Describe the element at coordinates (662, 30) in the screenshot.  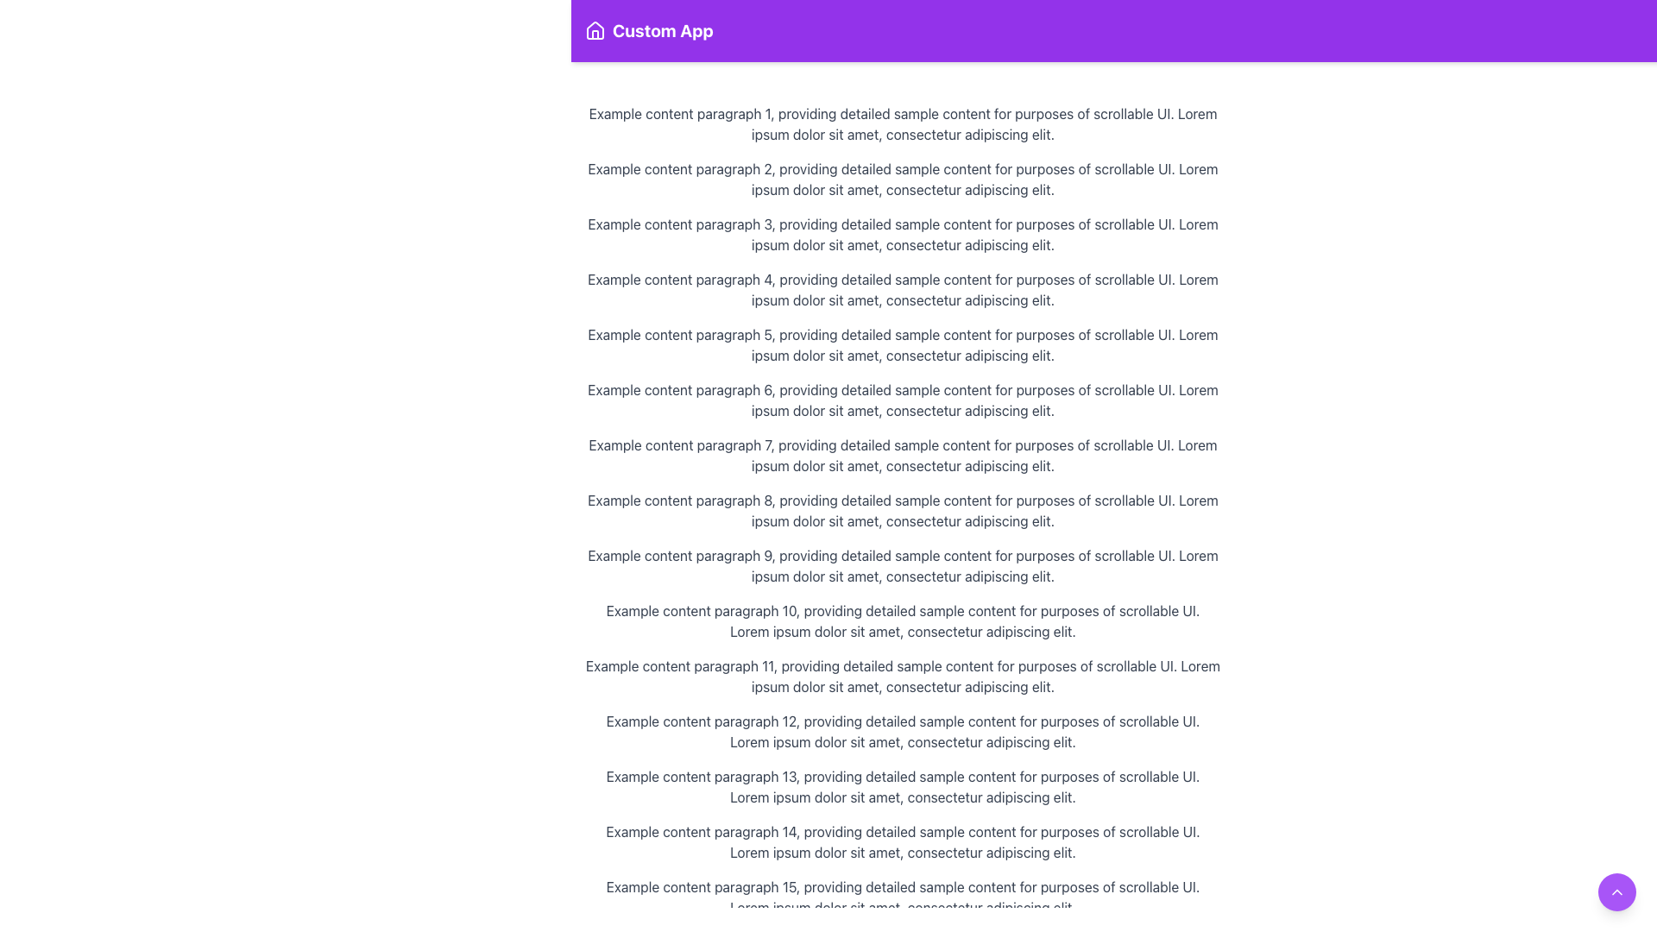
I see `text content of the title label indicating 'Custom App', which is located in the purple header bar at the top of the page, aligned to the right of a house-like icon` at that location.